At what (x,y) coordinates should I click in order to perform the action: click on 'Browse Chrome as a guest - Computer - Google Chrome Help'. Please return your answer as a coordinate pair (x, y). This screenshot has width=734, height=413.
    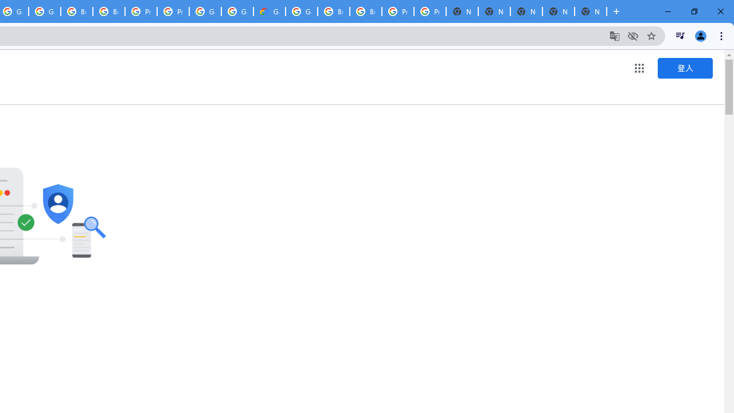
    Looking at the image, I should click on (333, 11).